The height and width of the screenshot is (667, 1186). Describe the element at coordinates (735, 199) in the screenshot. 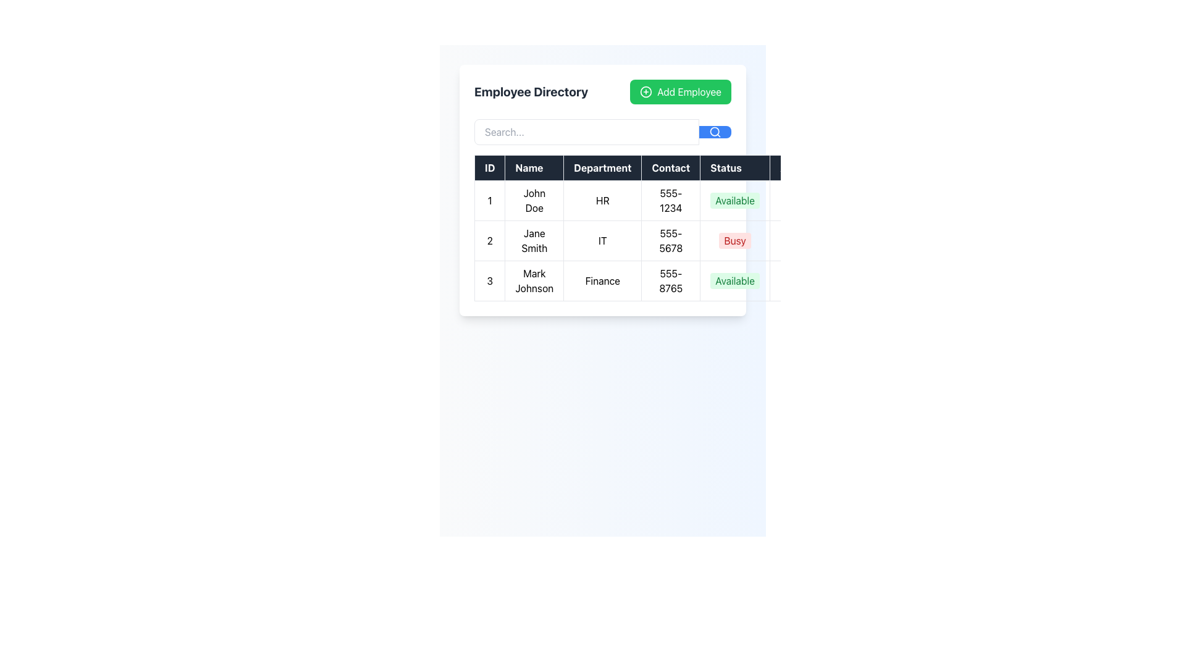

I see `the status indicator label in the second column of the 'Status' column in the table, corresponding to the first row's data` at that location.